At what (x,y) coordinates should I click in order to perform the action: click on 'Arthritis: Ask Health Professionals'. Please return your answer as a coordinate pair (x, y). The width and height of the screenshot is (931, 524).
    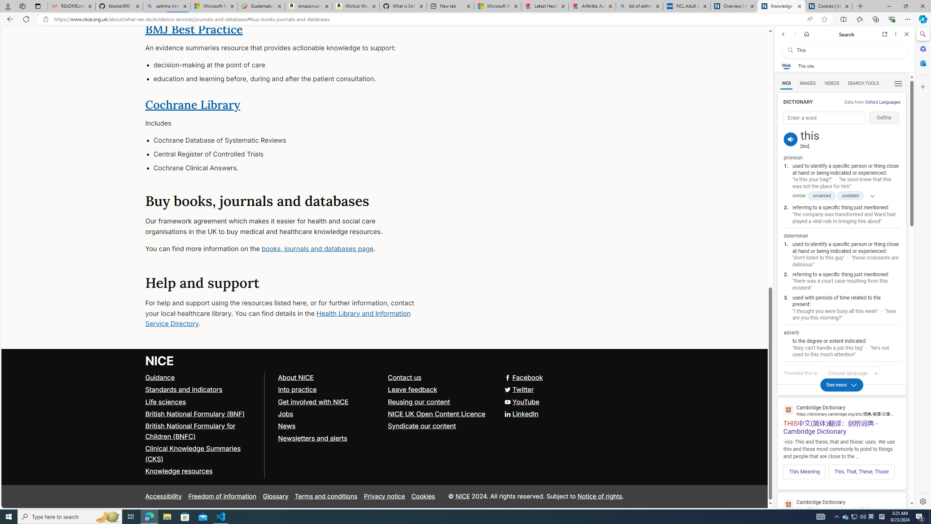
    Looking at the image, I should click on (592, 6).